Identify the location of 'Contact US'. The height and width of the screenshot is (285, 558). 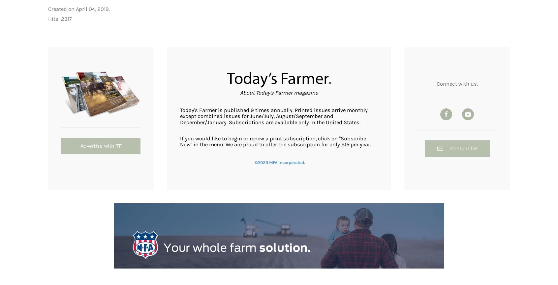
(463, 148).